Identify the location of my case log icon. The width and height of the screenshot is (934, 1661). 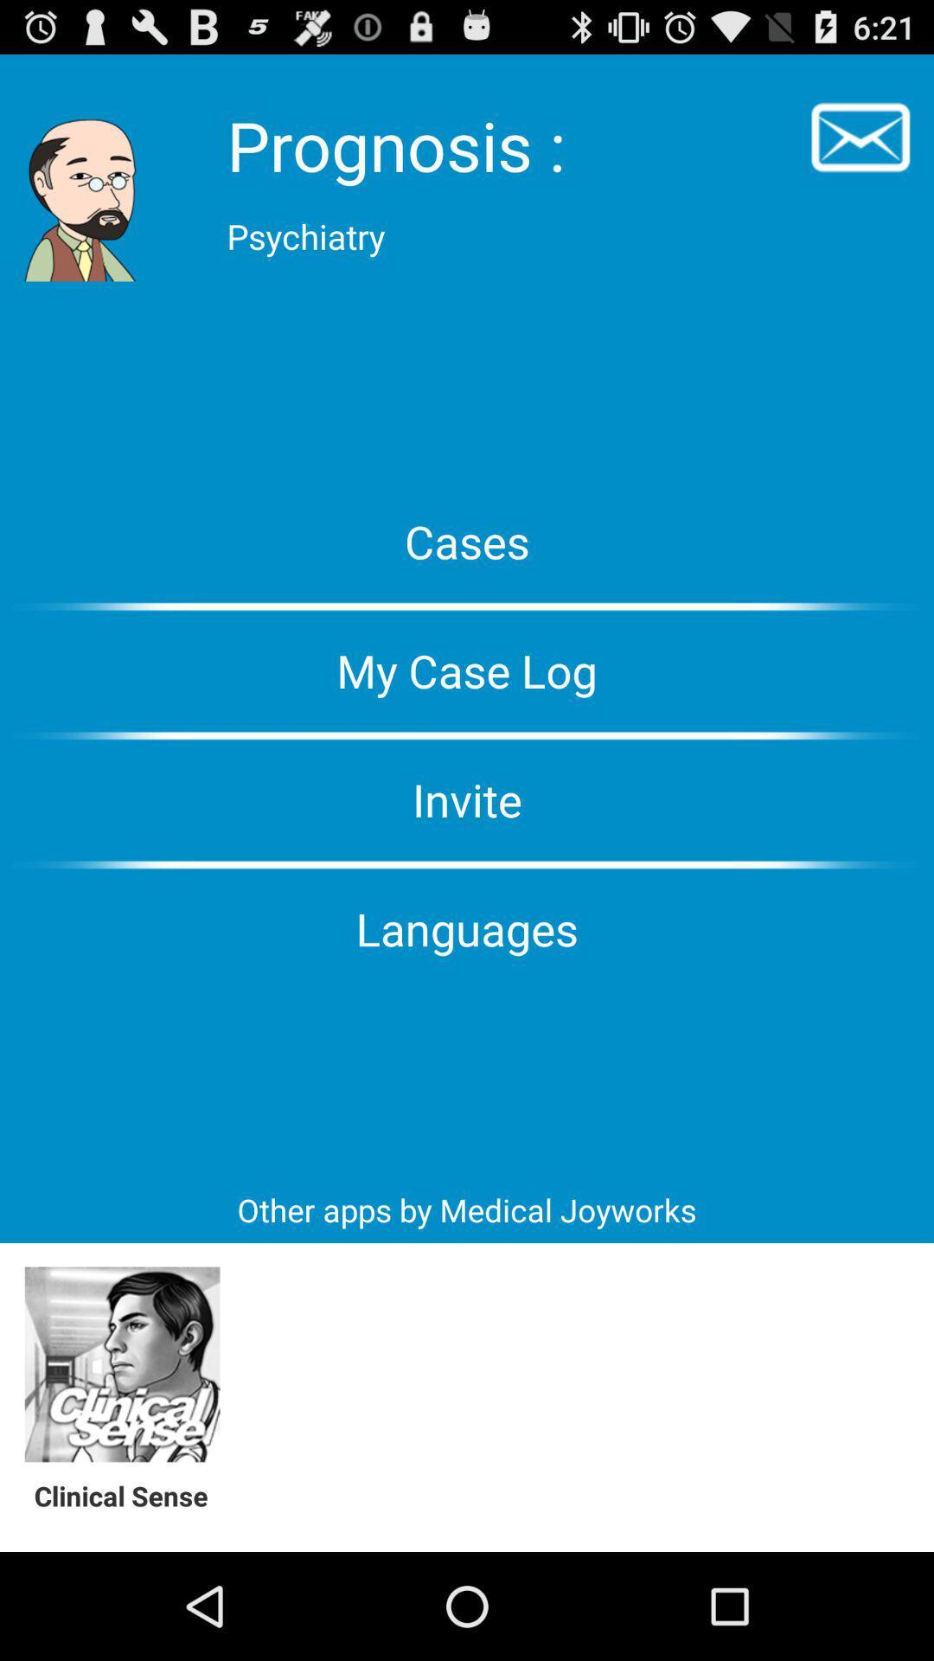
(467, 670).